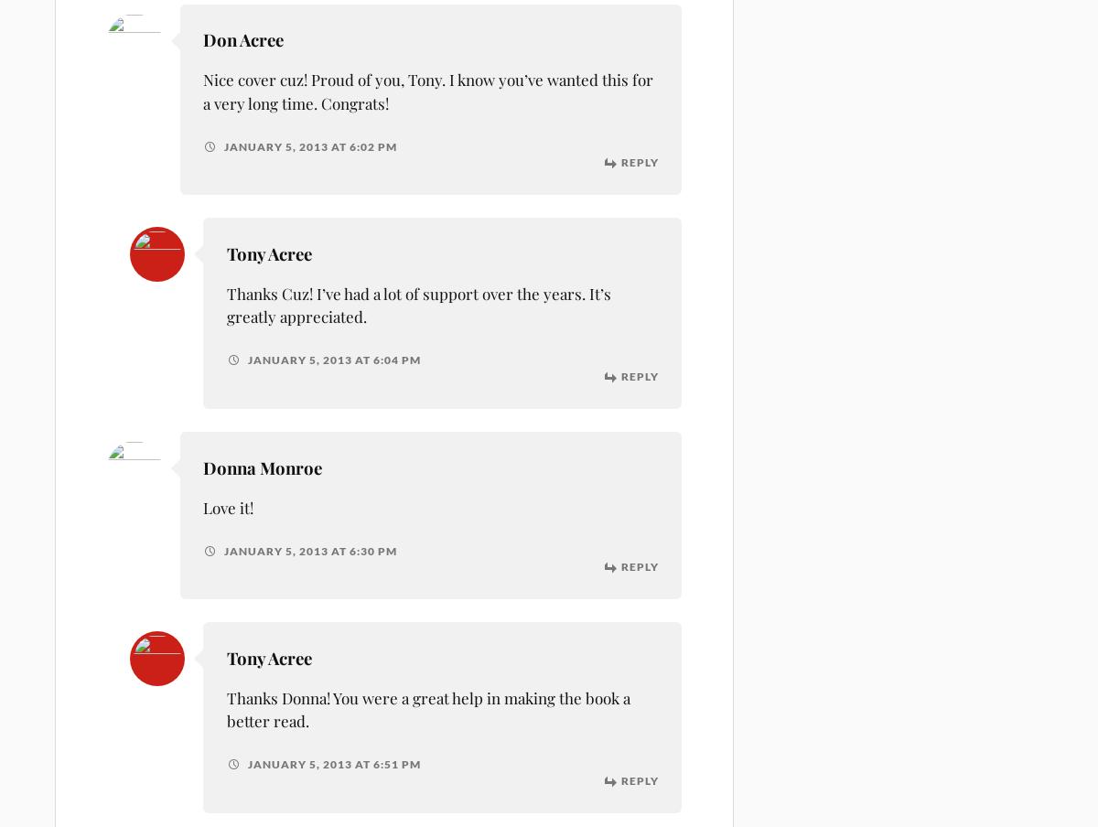 The height and width of the screenshot is (827, 1098). Describe the element at coordinates (332, 359) in the screenshot. I see `'January 5, 2013 at 6:04 pm'` at that location.